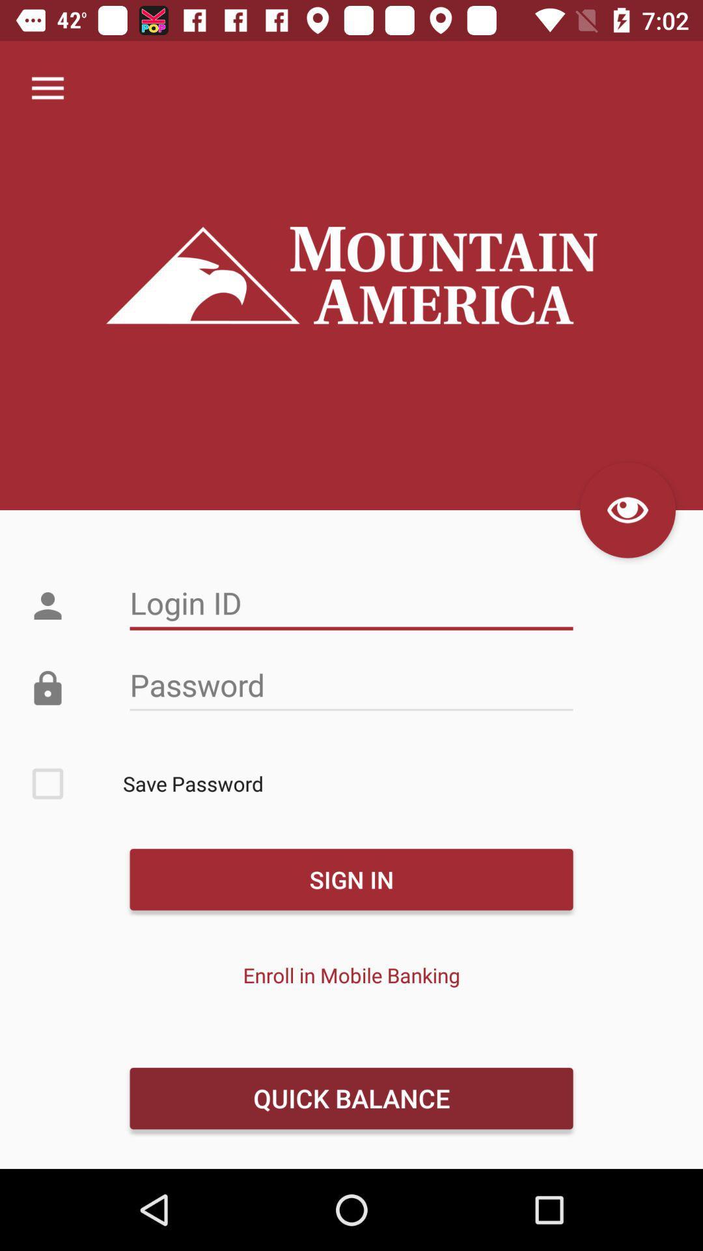 The width and height of the screenshot is (703, 1251). Describe the element at coordinates (351, 1097) in the screenshot. I see `the item below the enroll in mobile` at that location.